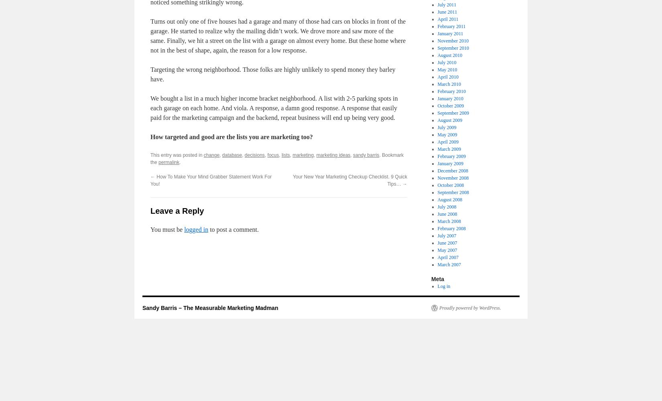 The width and height of the screenshot is (662, 401). What do you see at coordinates (453, 48) in the screenshot?
I see `'September 2010'` at bounding box center [453, 48].